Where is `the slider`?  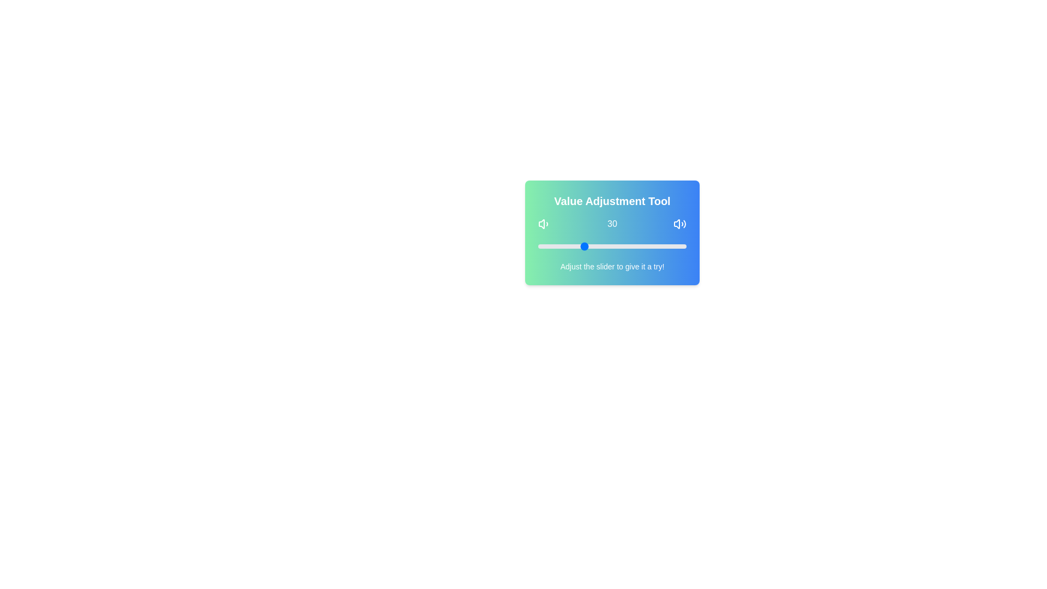
the slider is located at coordinates (609, 246).